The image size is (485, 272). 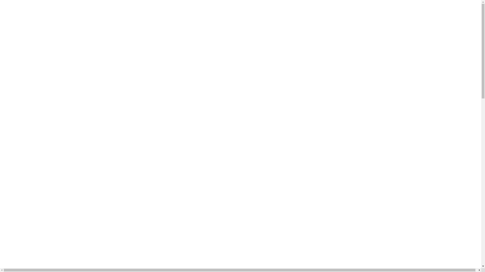 What do you see at coordinates (3, 83) in the screenshot?
I see `'0'` at bounding box center [3, 83].